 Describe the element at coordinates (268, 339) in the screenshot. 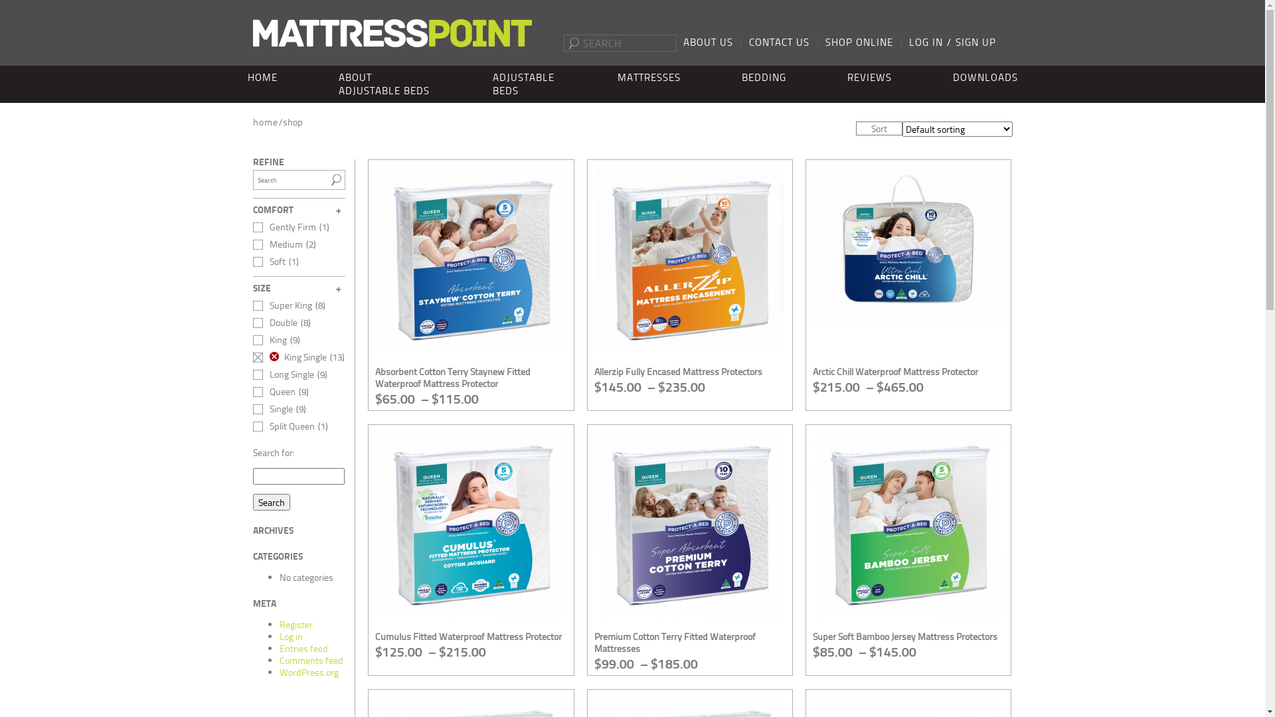

I see `'King'` at that location.